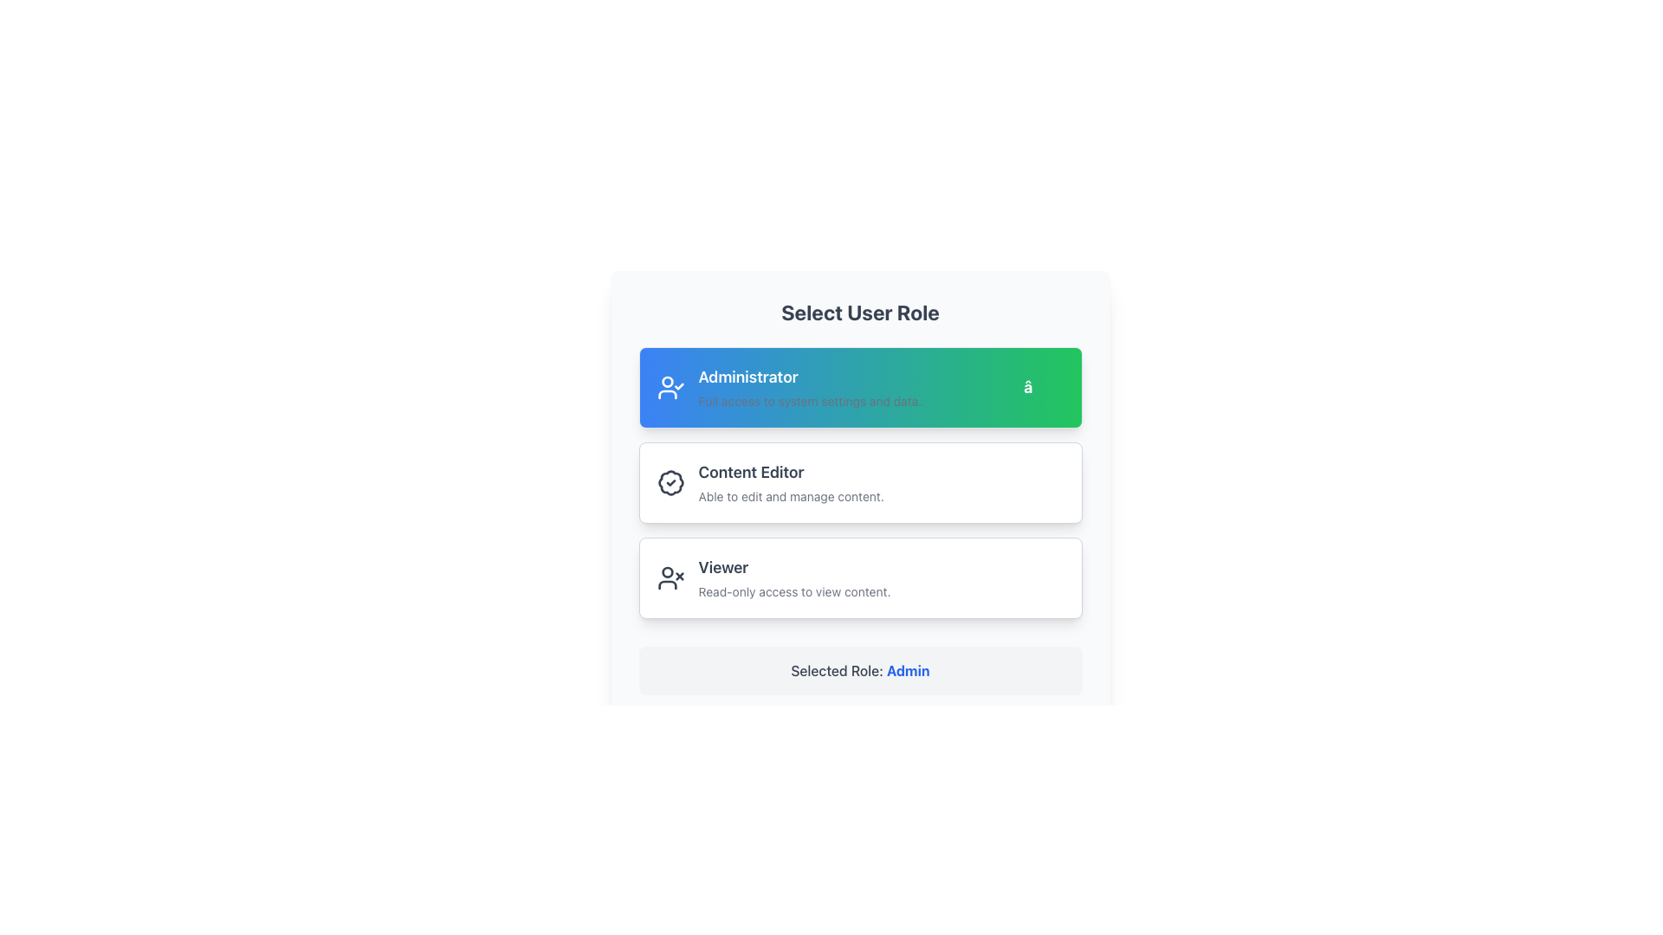  I want to click on the 'Content Editor' selectable option banner located below the 'Administrator' banner and above the 'Viewer' banner, so click(860, 483).